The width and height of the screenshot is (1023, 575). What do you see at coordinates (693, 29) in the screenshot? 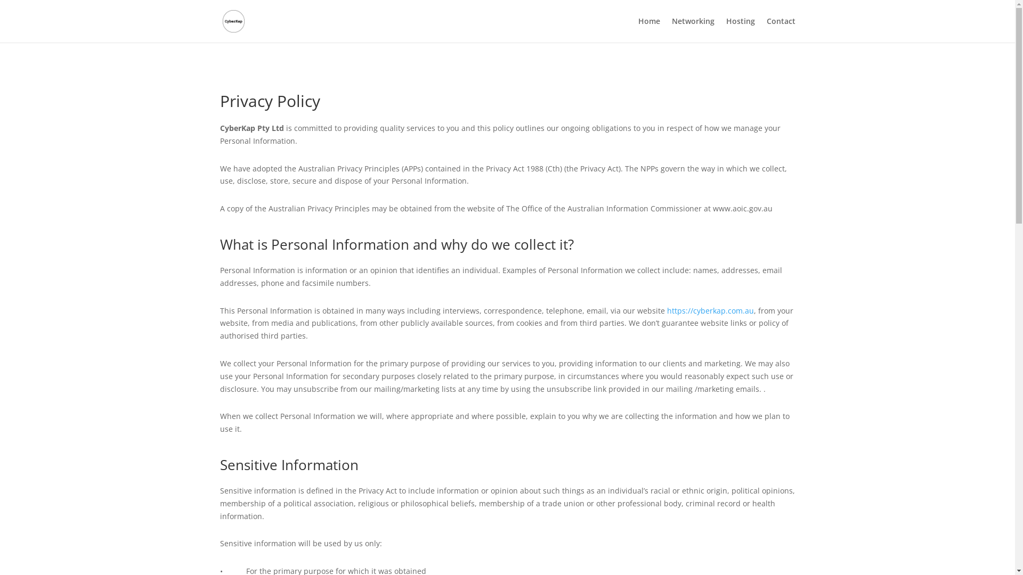
I see `'Networking'` at bounding box center [693, 29].